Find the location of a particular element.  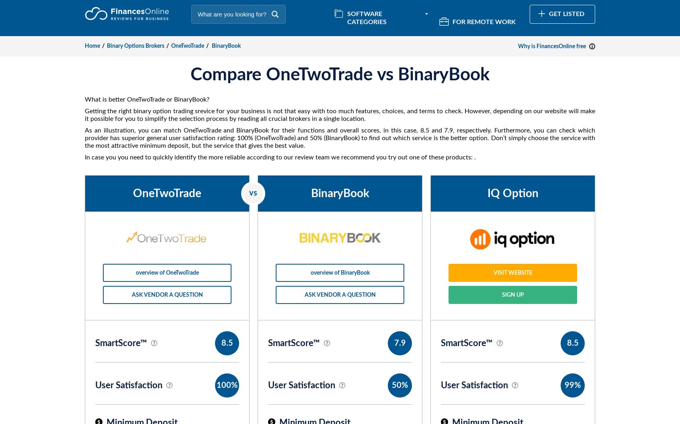

'What is better OneTwoTrade or BinaryBook?' is located at coordinates (147, 99).